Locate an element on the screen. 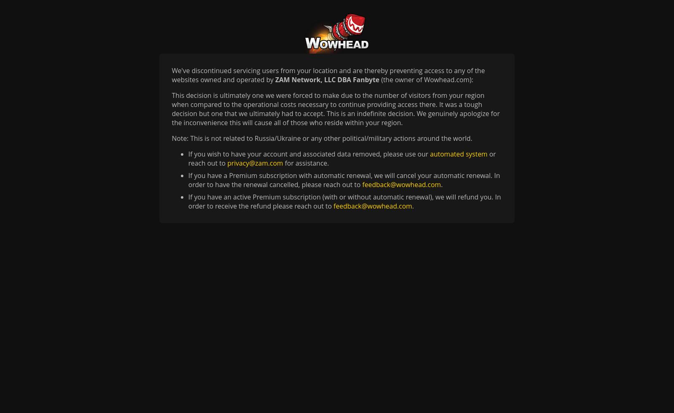 This screenshot has height=413, width=674. 'automated system' is located at coordinates (458, 154).